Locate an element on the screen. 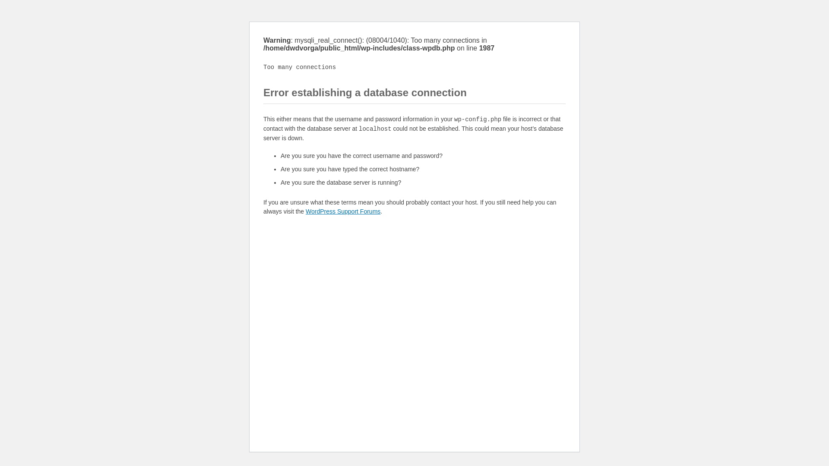 Image resolution: width=829 pixels, height=466 pixels. 'WordPress Support Forums' is located at coordinates (342, 211).